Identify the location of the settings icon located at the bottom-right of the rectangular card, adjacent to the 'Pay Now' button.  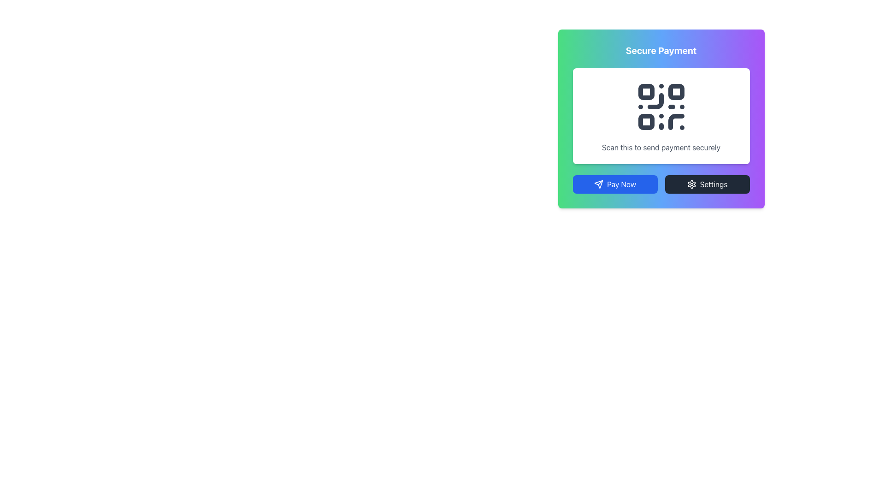
(691, 184).